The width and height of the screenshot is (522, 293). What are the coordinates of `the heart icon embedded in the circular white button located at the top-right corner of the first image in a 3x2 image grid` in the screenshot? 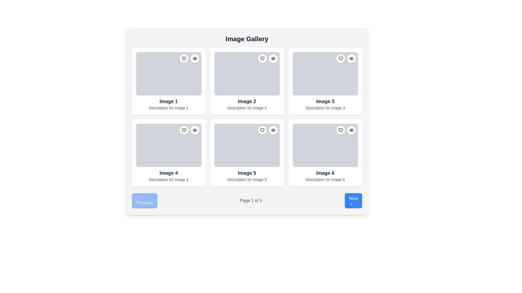 It's located at (184, 59).